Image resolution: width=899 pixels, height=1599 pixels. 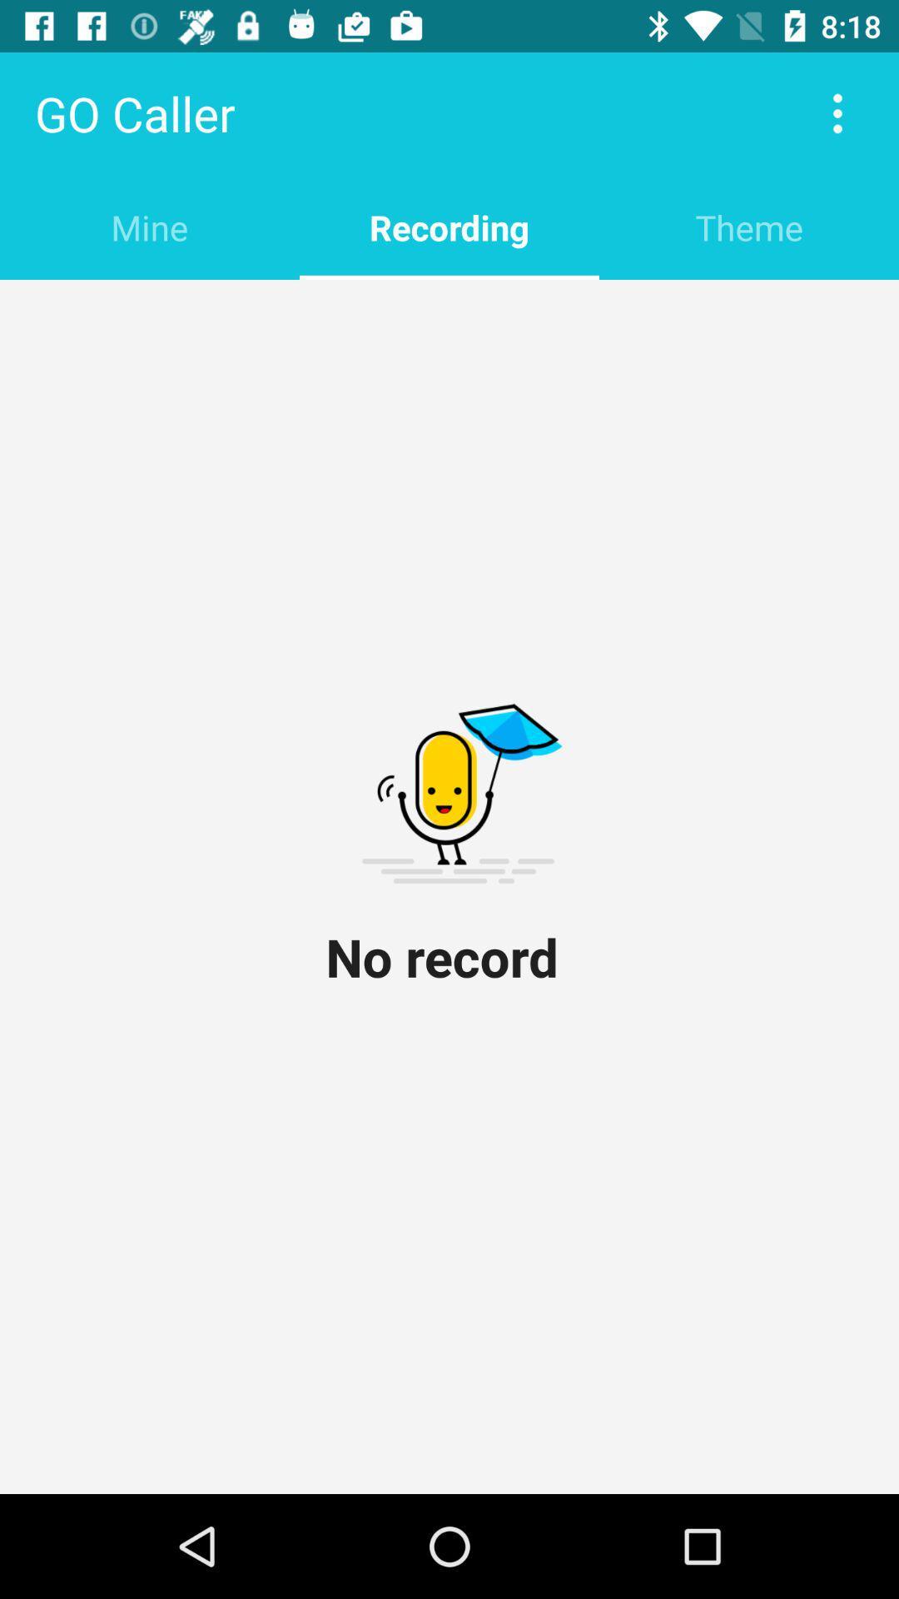 What do you see at coordinates (449, 227) in the screenshot?
I see `the icon next to mine icon` at bounding box center [449, 227].